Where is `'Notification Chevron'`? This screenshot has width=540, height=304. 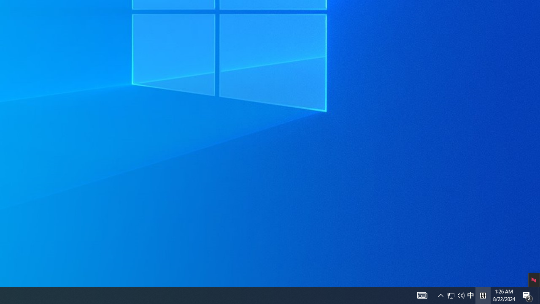
'Notification Chevron' is located at coordinates (440, 295).